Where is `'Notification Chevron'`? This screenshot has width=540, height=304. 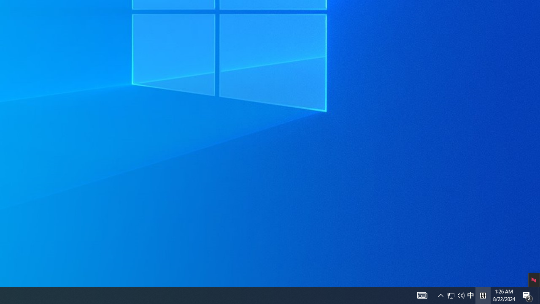
'Notification Chevron' is located at coordinates (440, 295).